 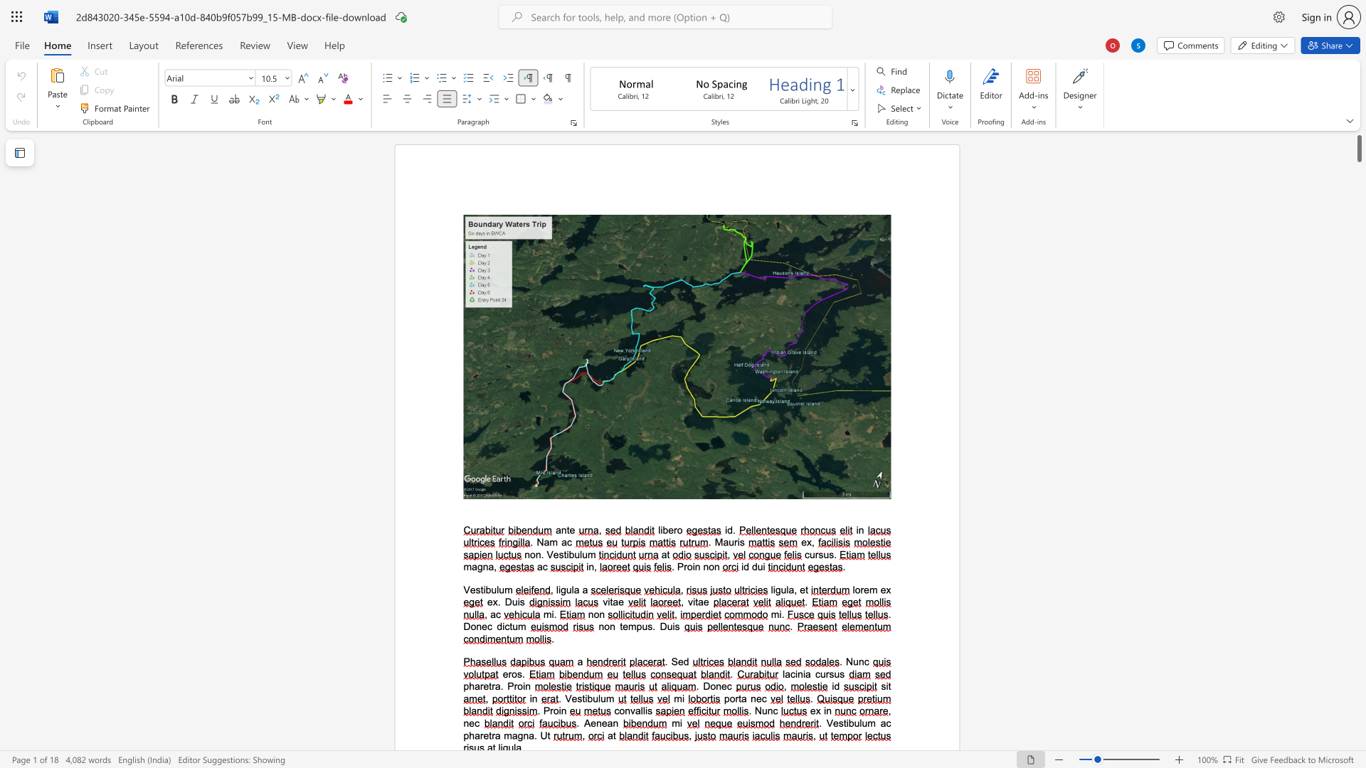 What do you see at coordinates (505, 626) in the screenshot?
I see `the space between the continuous character "i" and "c" in the text` at bounding box center [505, 626].